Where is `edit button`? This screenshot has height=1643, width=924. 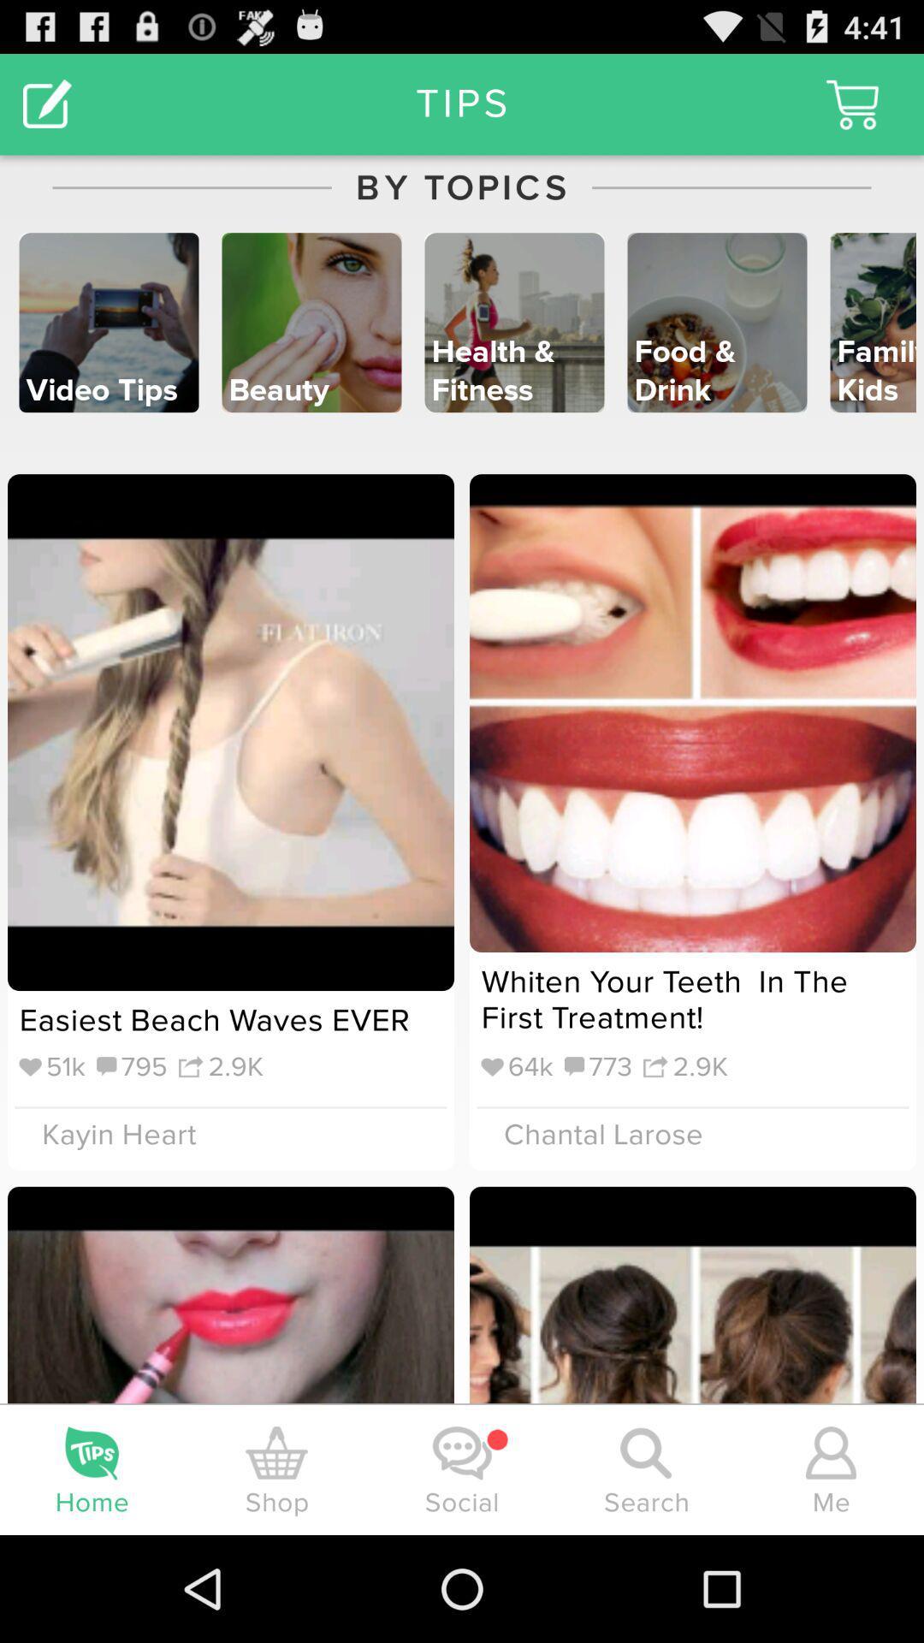 edit button is located at coordinates (46, 103).